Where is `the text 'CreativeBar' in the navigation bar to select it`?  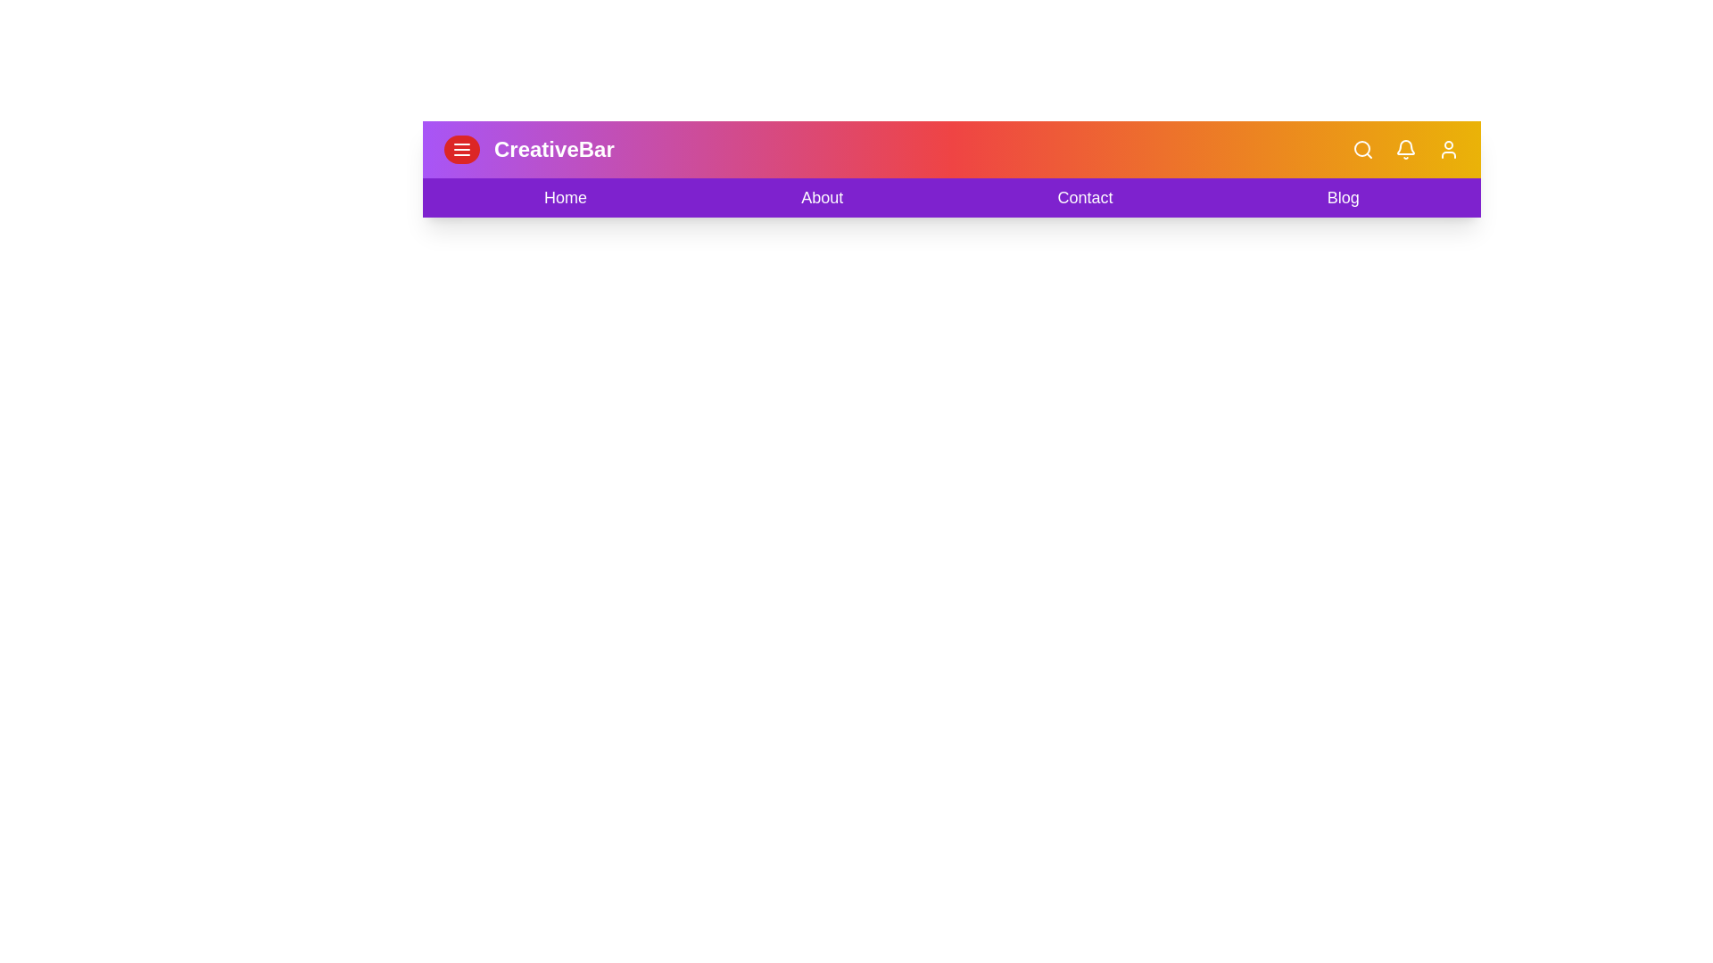 the text 'CreativeBar' in the navigation bar to select it is located at coordinates (552, 149).